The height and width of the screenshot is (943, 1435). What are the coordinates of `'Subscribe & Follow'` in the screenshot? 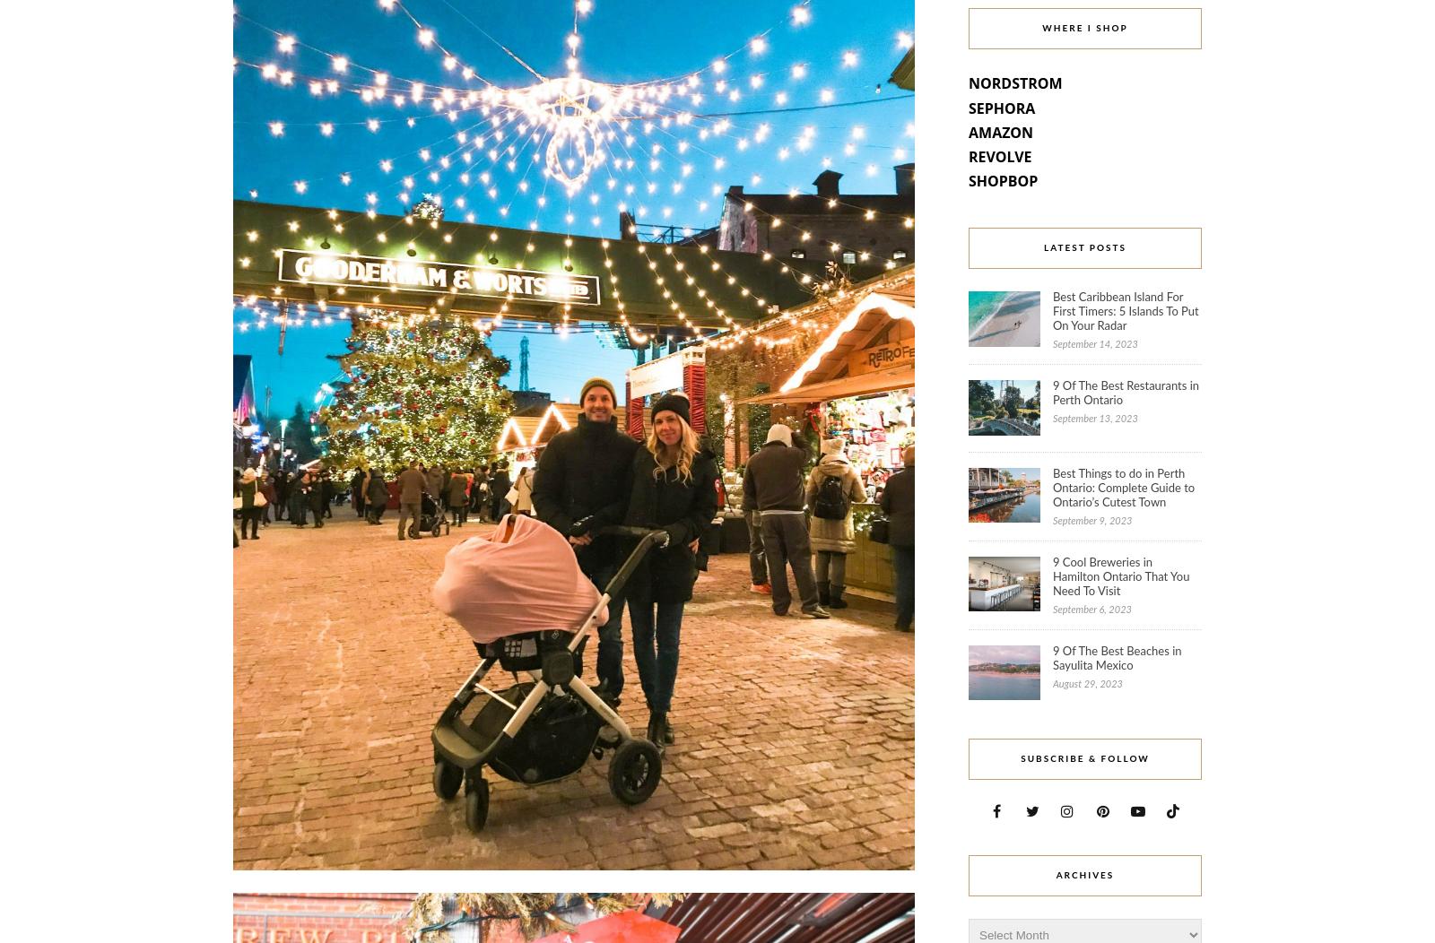 It's located at (1021, 757).